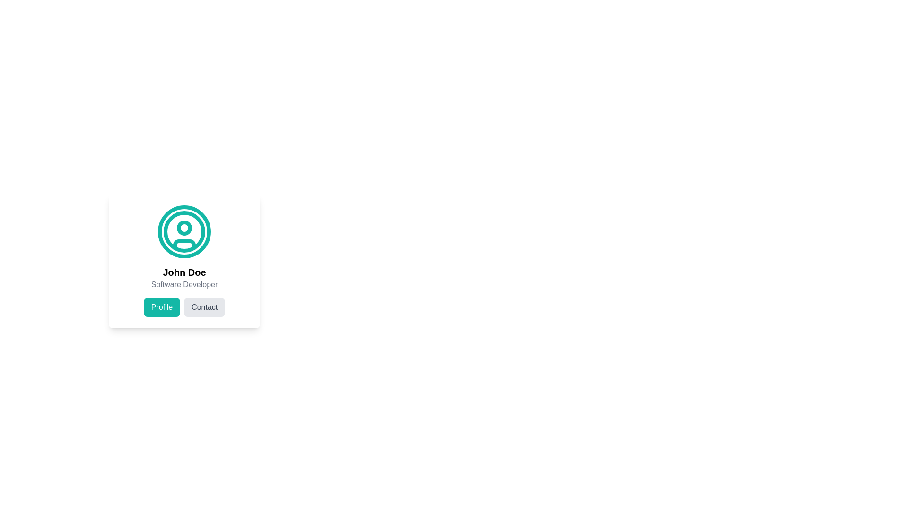  What do you see at coordinates (184, 284) in the screenshot?
I see `the static text indicating the occupation of the profile owner, located below the 'John Doe' name text in the profile card` at bounding box center [184, 284].